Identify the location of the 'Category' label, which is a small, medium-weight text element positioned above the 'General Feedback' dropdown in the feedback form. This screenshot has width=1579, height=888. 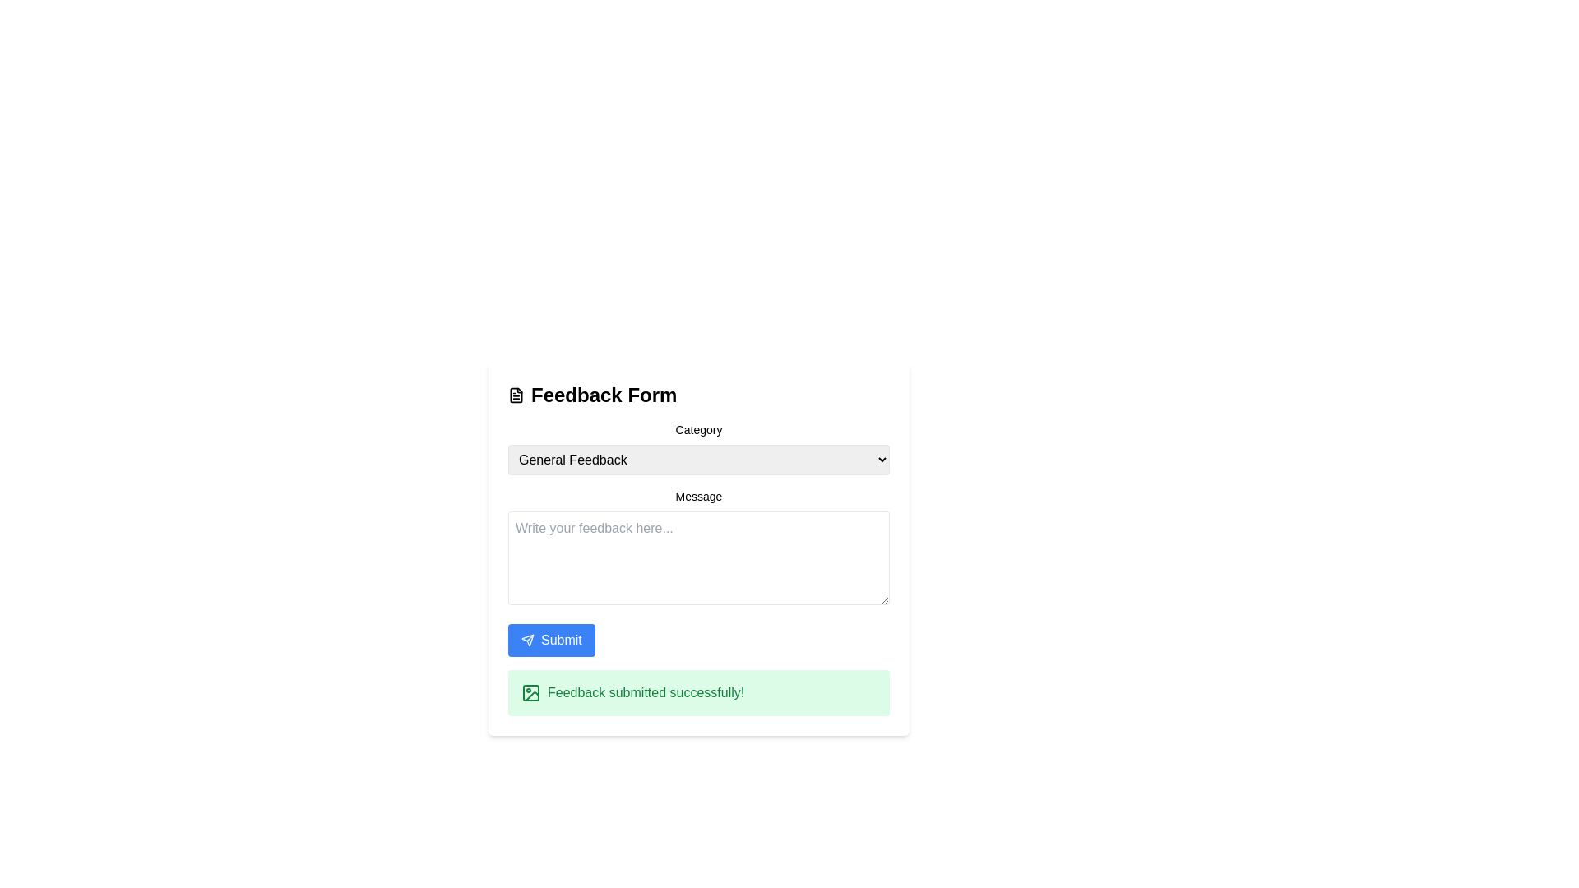
(698, 429).